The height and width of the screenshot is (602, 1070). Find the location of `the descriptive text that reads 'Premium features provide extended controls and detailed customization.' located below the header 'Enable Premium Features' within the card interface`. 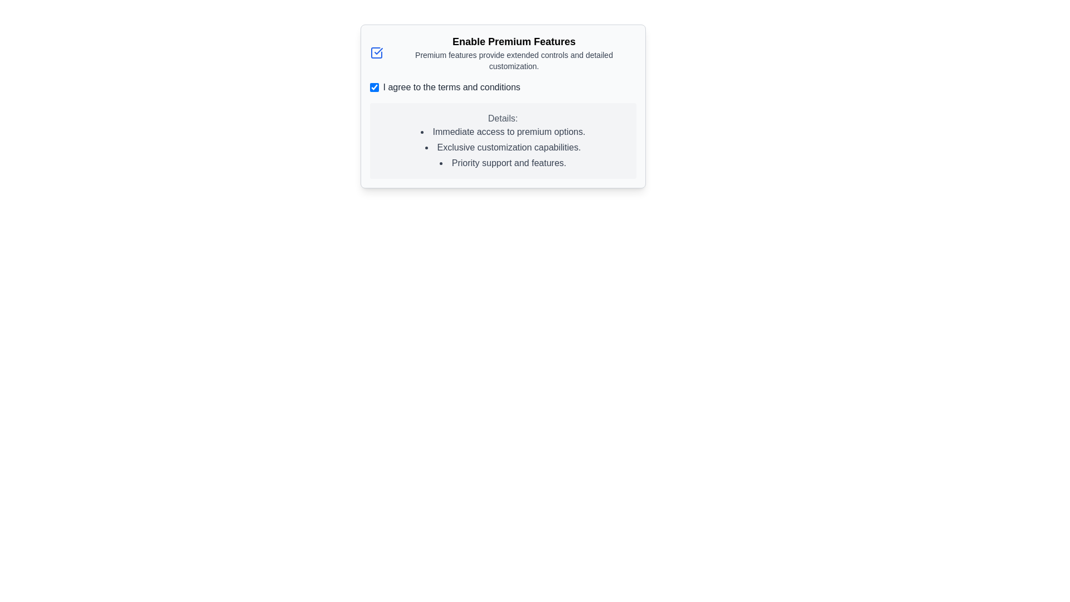

the descriptive text that reads 'Premium features provide extended controls and detailed customization.' located below the header 'Enable Premium Features' within the card interface is located at coordinates (513, 60).